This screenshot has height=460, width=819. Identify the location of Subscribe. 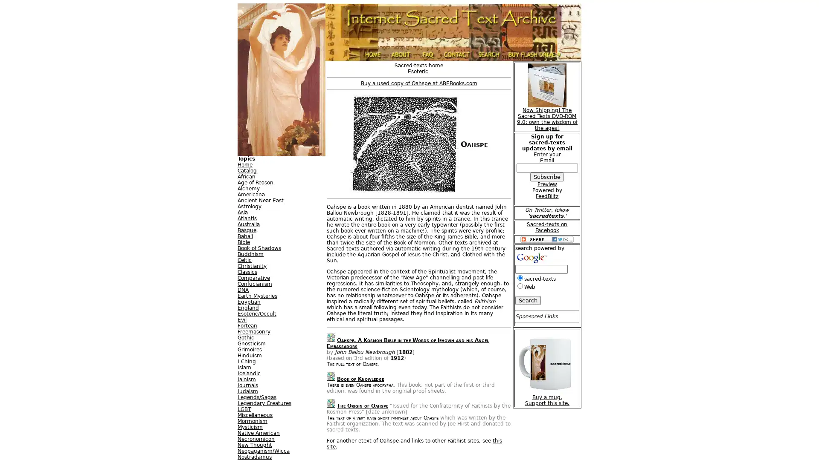
(547, 176).